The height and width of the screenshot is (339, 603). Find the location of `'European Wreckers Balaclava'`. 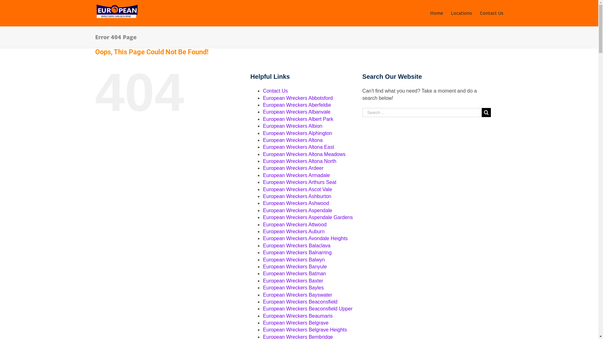

'European Wreckers Balaclava' is located at coordinates (296, 245).